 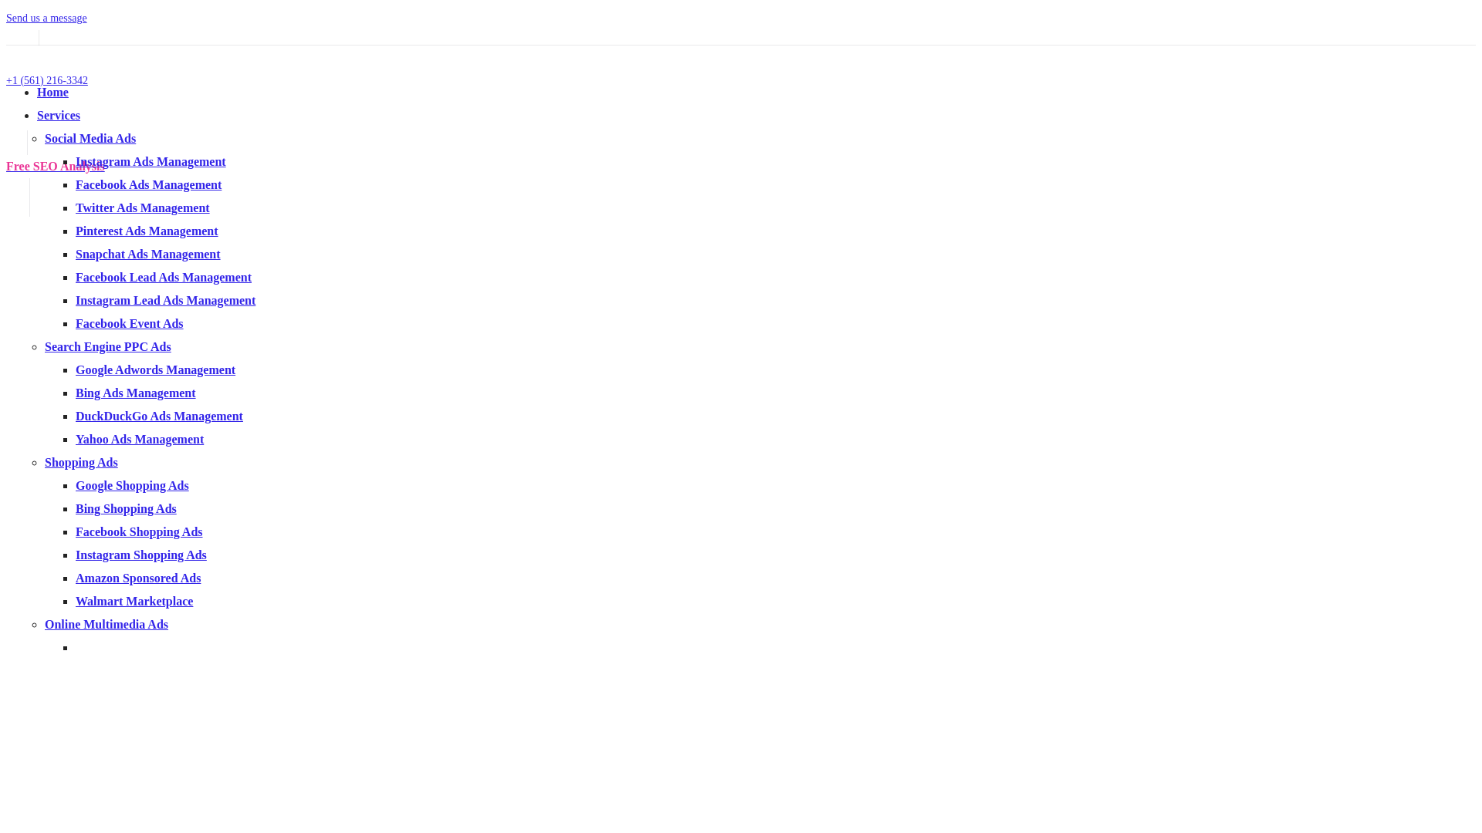 I want to click on 'Online Multimedia Ads', so click(x=106, y=623).